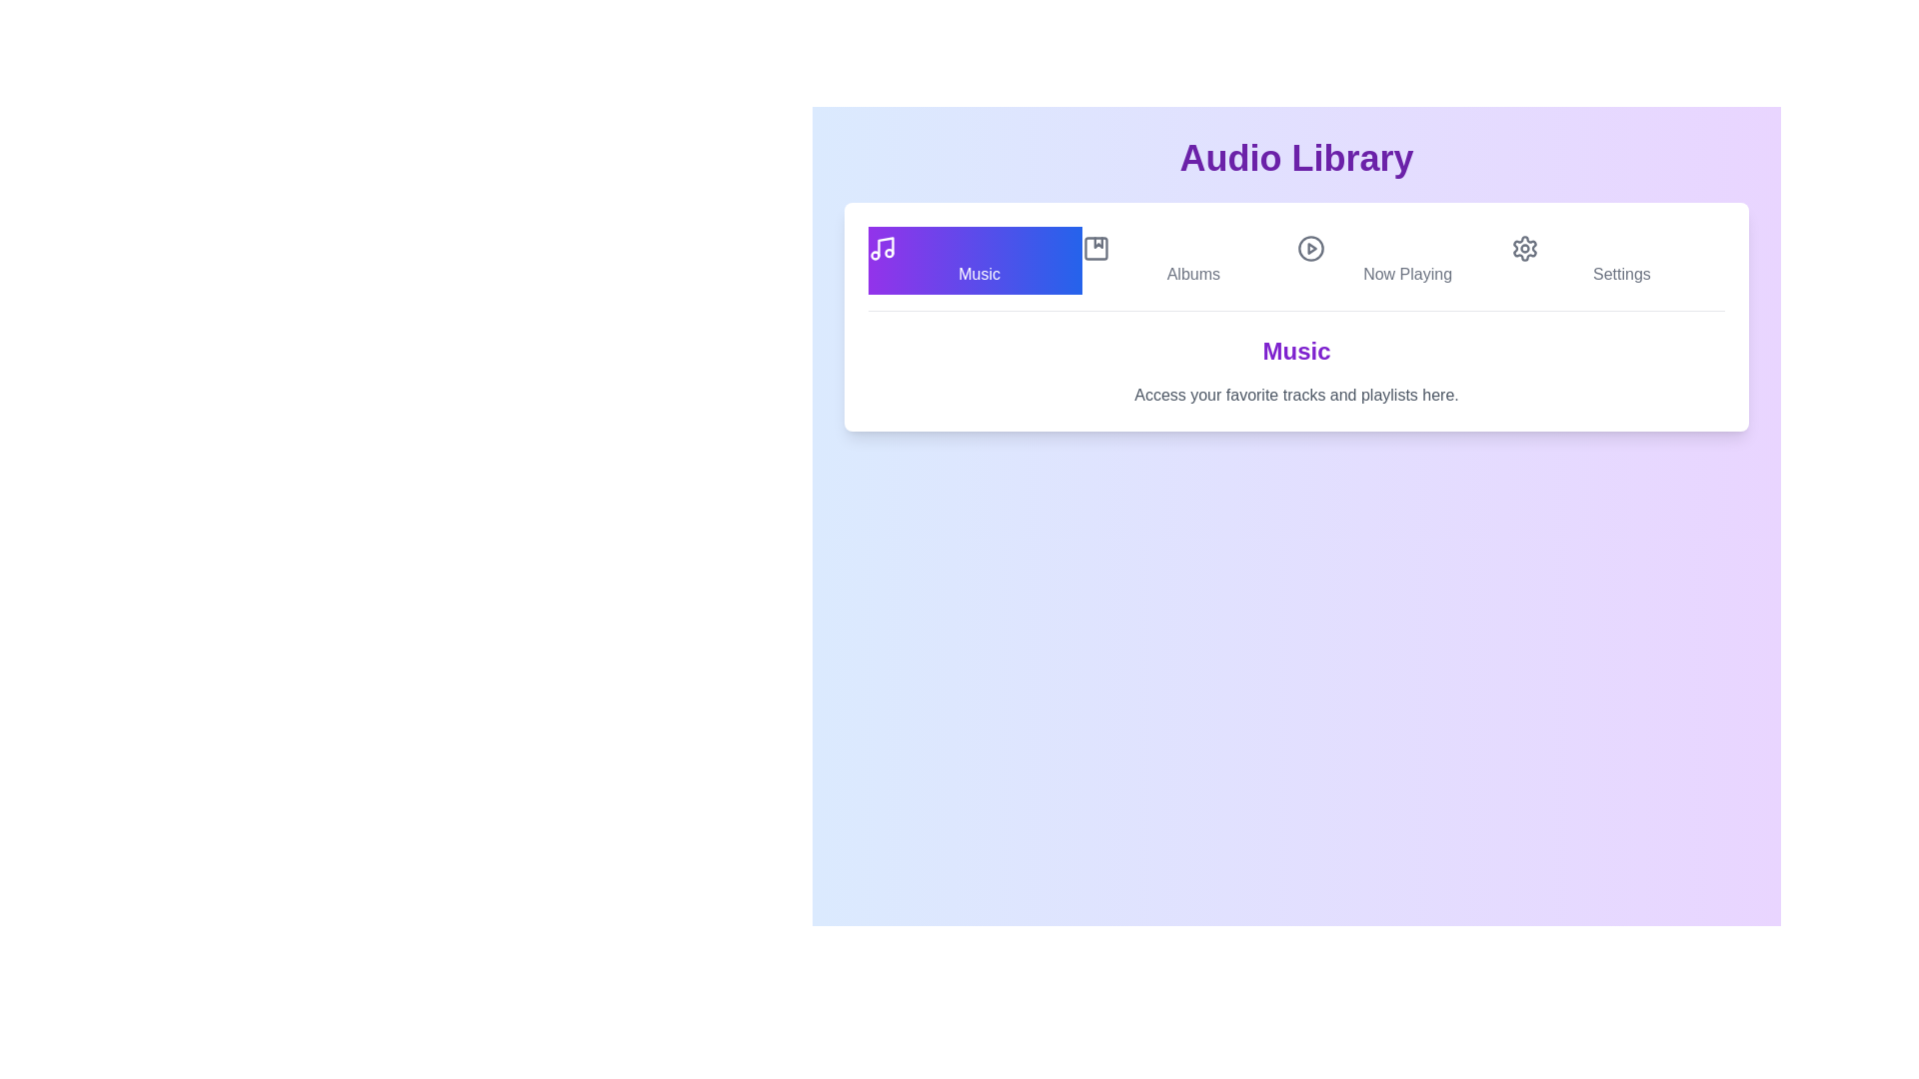 This screenshot has width=1919, height=1079. I want to click on the rectangular icon with rounded corners located, so click(1095, 248).